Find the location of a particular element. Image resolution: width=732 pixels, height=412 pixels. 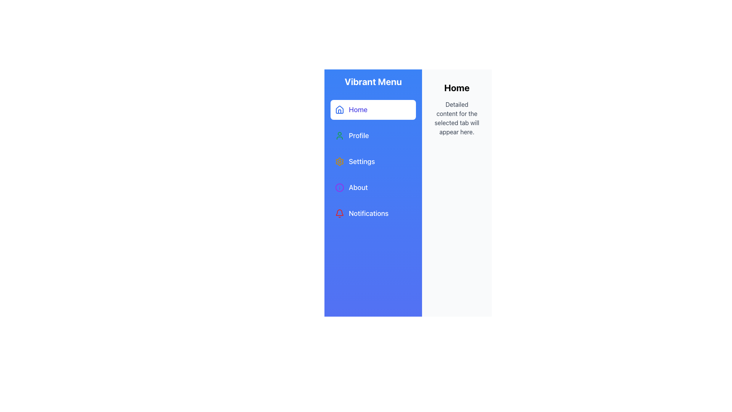

the circular icon with a border and central dot, styled in text-purple-600 color, located to the left of the 'About' menu item is located at coordinates (339, 188).